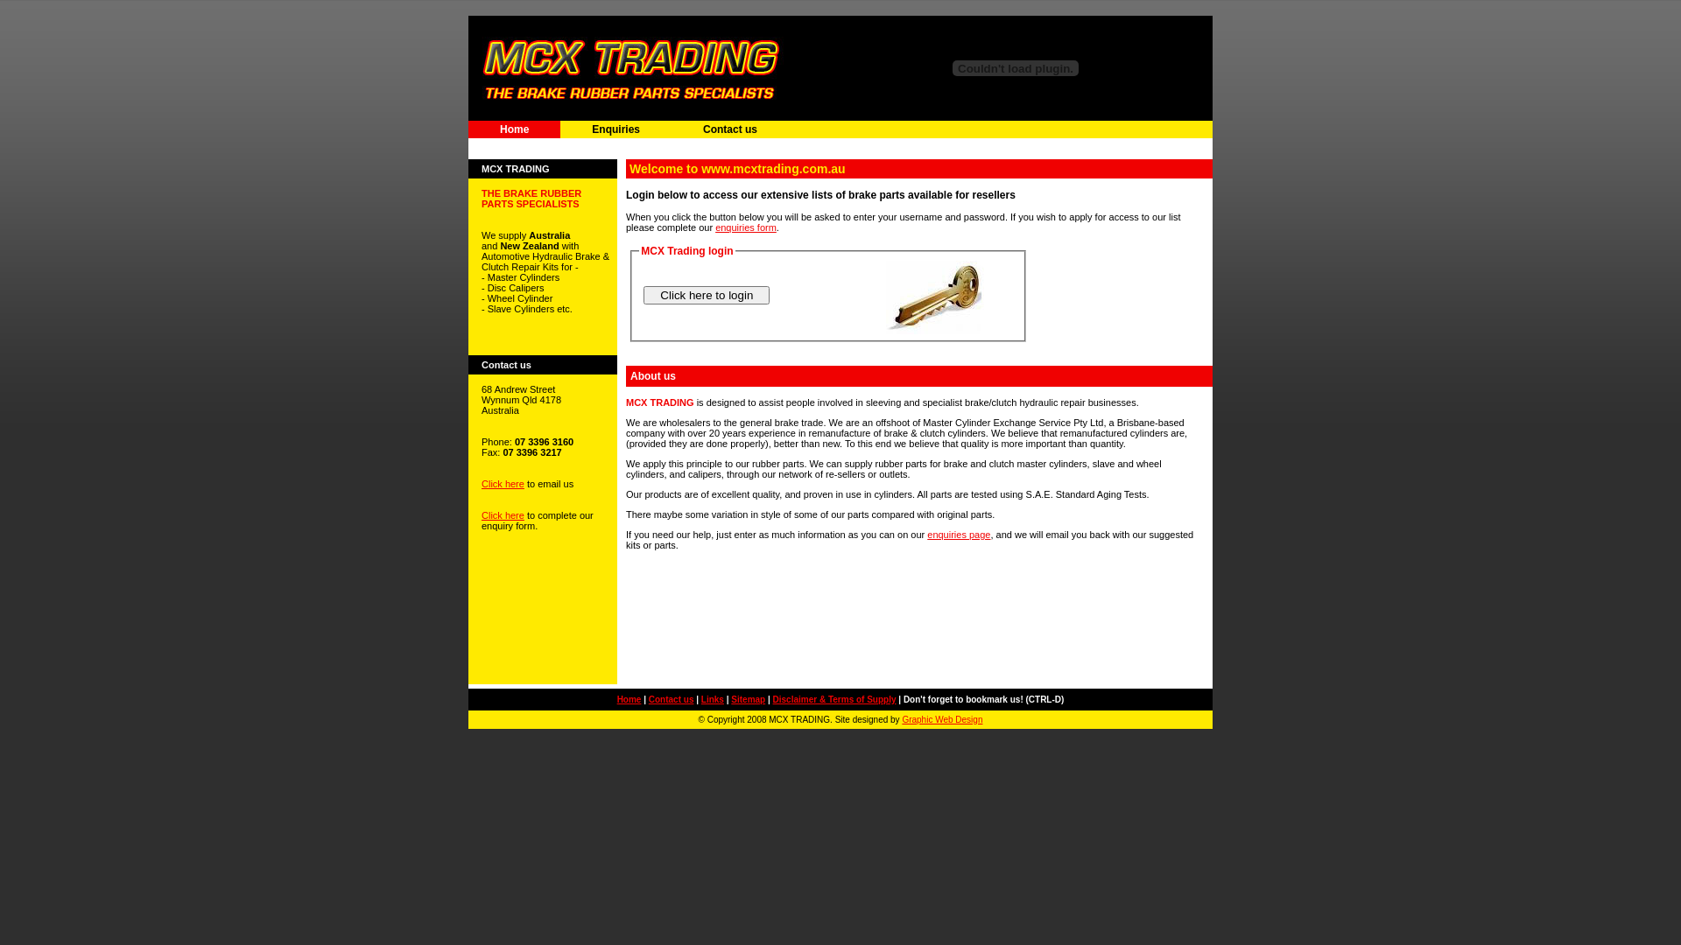  Describe the element at coordinates (502, 514) in the screenshot. I see `'Click here'` at that location.